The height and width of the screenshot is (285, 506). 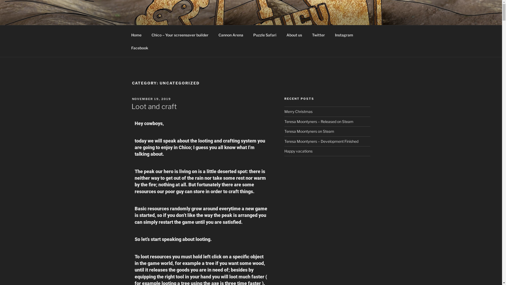 What do you see at coordinates (231, 35) in the screenshot?
I see `'Cannon Arena'` at bounding box center [231, 35].